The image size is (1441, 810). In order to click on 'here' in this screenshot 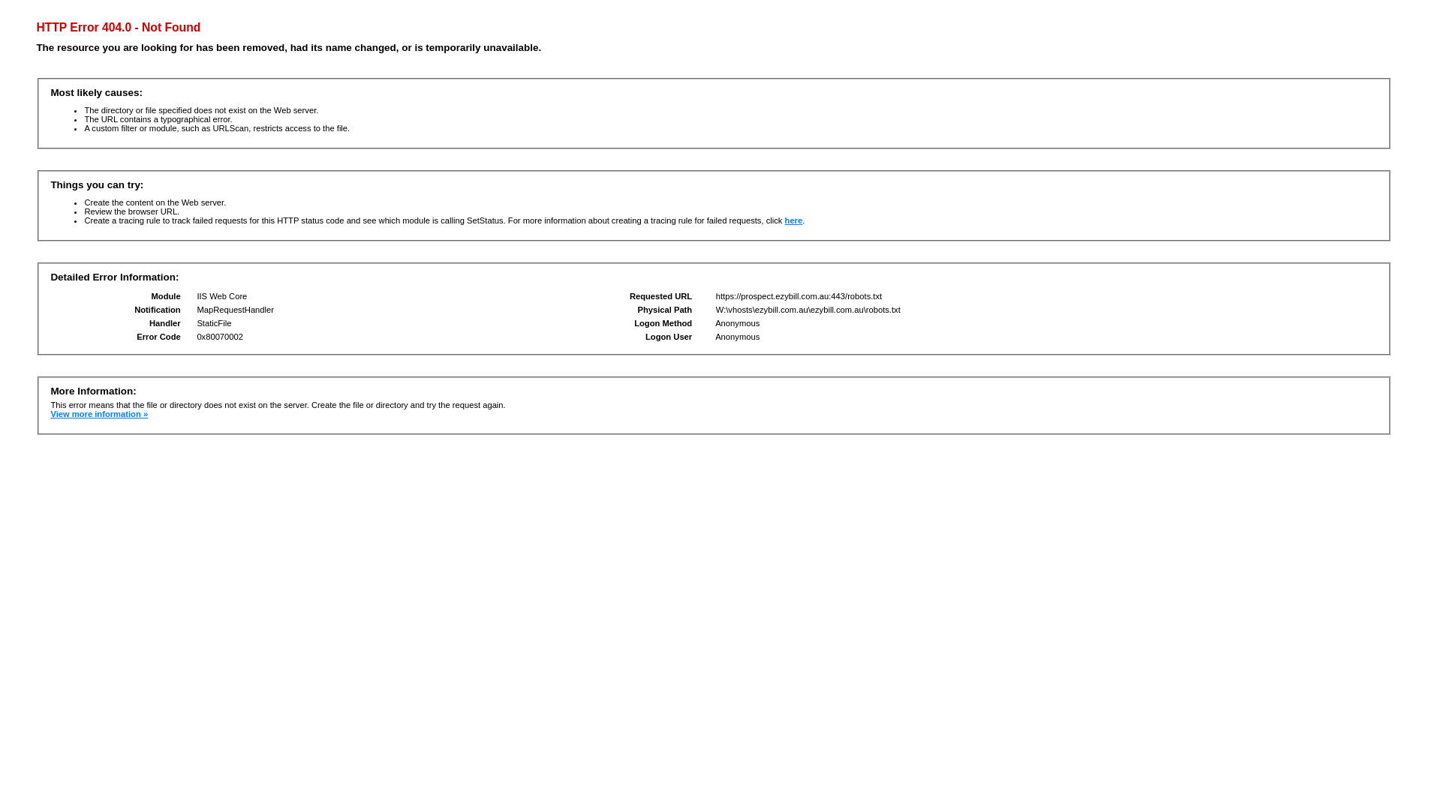, I will do `click(784, 220)`.